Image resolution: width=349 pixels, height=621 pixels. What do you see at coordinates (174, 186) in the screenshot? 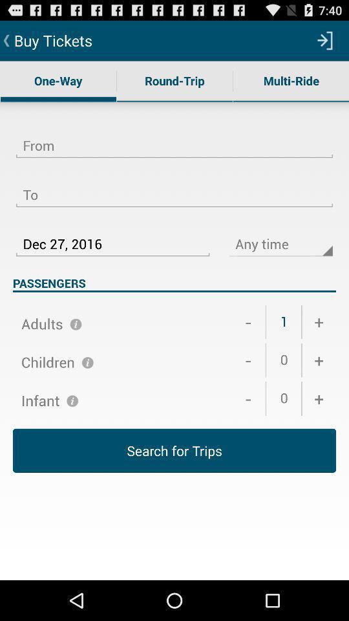
I see `the item above dec 27, 2016 item` at bounding box center [174, 186].